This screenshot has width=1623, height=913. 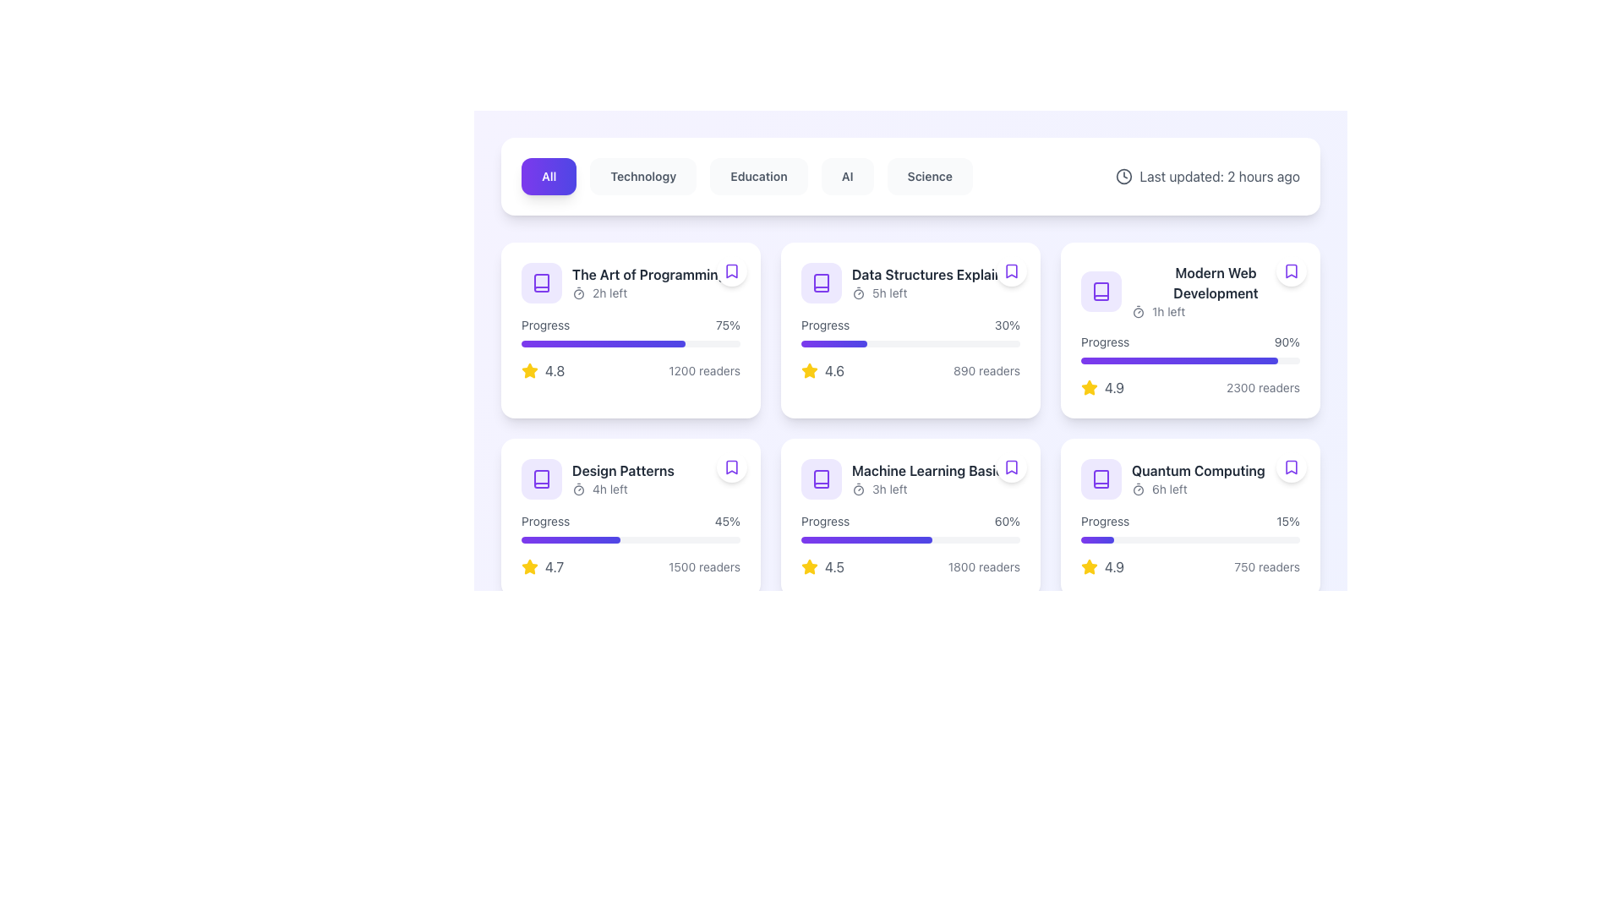 I want to click on the 'Technology' button, which is a rectangular button with a light gray background and dark gray bold text, located in the second position of a horizontal list of buttons, so click(x=642, y=176).